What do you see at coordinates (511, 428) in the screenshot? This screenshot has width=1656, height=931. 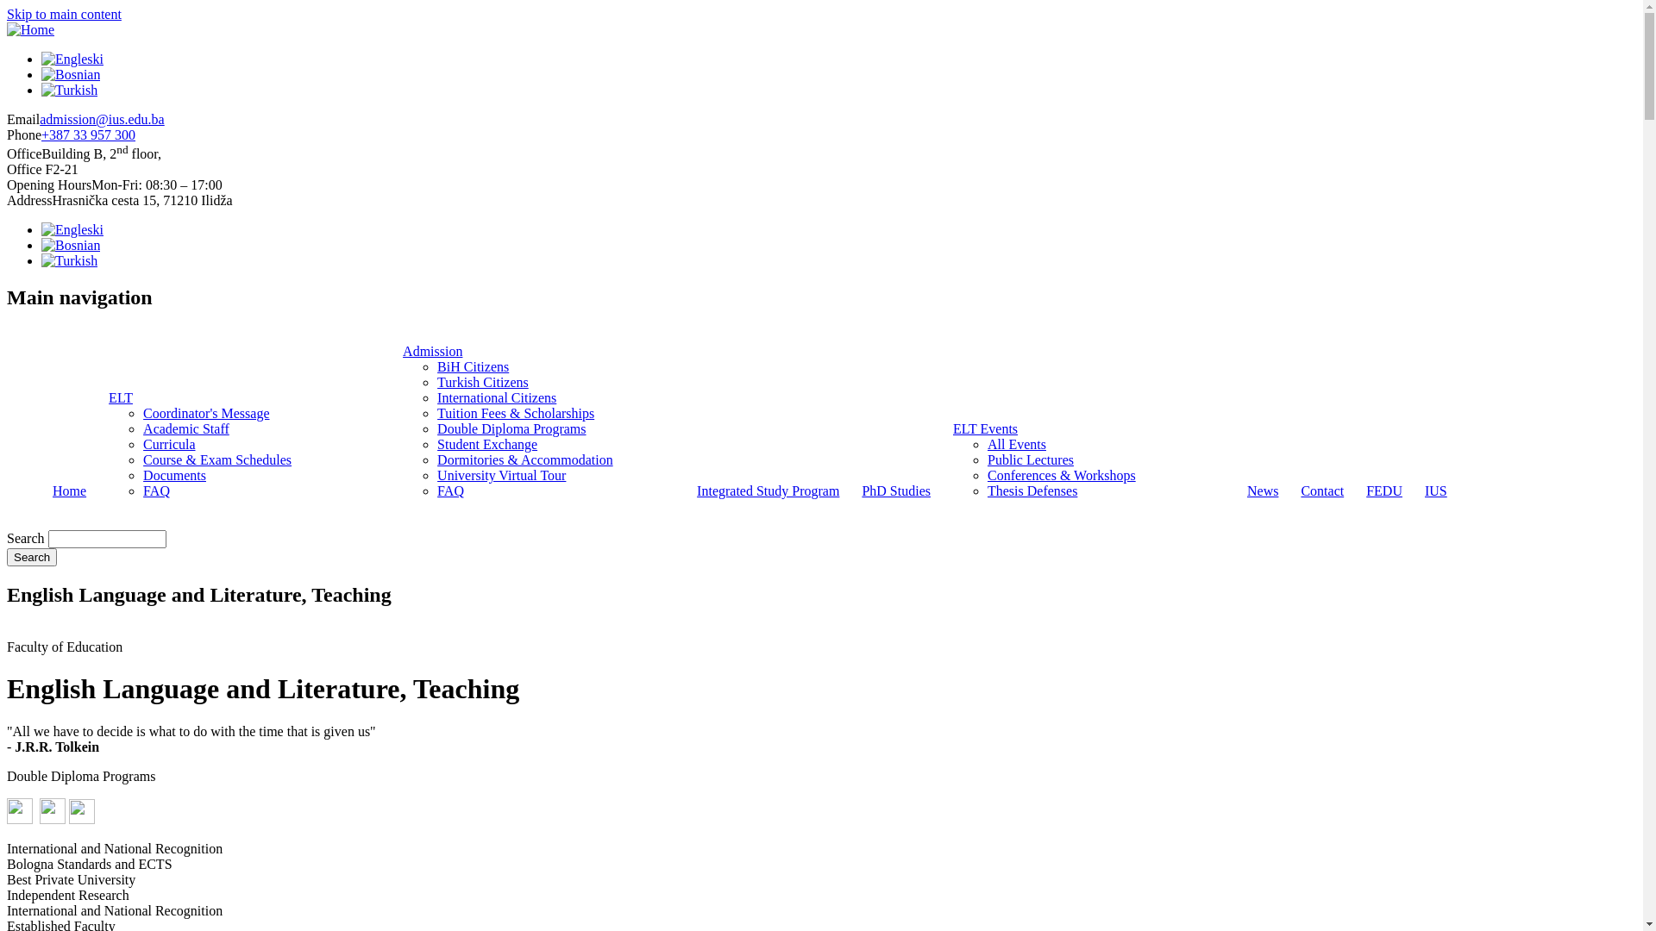 I see `'Double Diploma Programs'` at bounding box center [511, 428].